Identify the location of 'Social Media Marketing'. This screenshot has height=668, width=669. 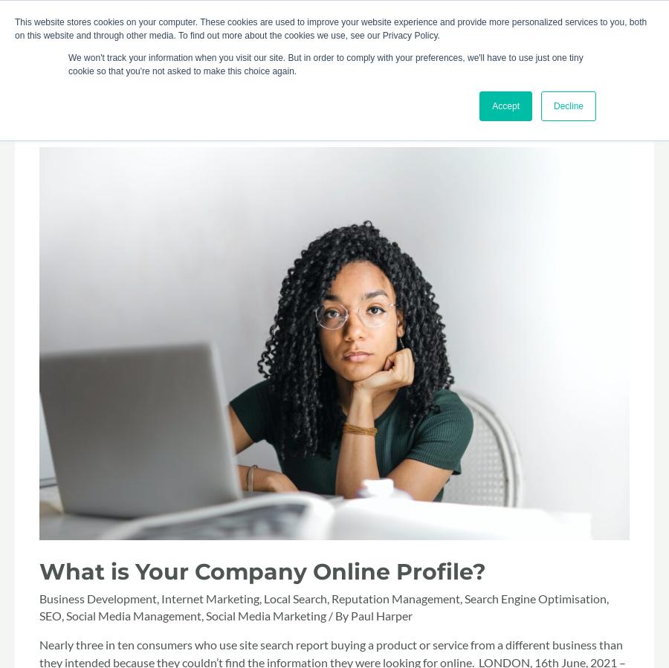
(205, 615).